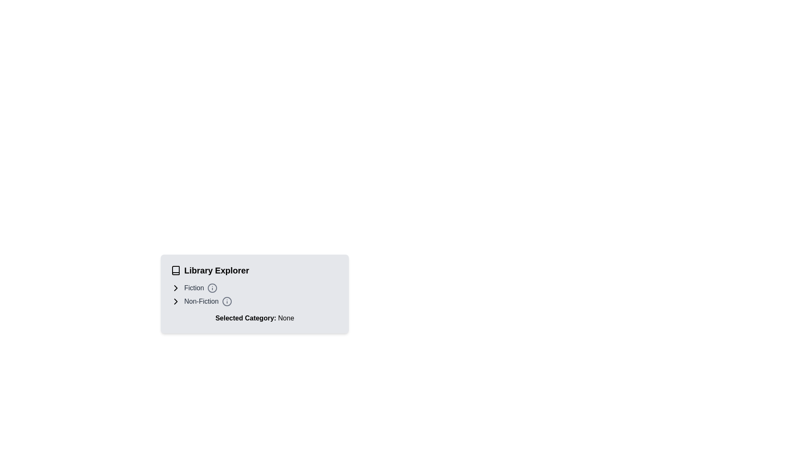  What do you see at coordinates (212, 287) in the screenshot?
I see `the circular icon with a gray border located near the 'Fiction' text in the 'Library Explorer' section` at bounding box center [212, 287].